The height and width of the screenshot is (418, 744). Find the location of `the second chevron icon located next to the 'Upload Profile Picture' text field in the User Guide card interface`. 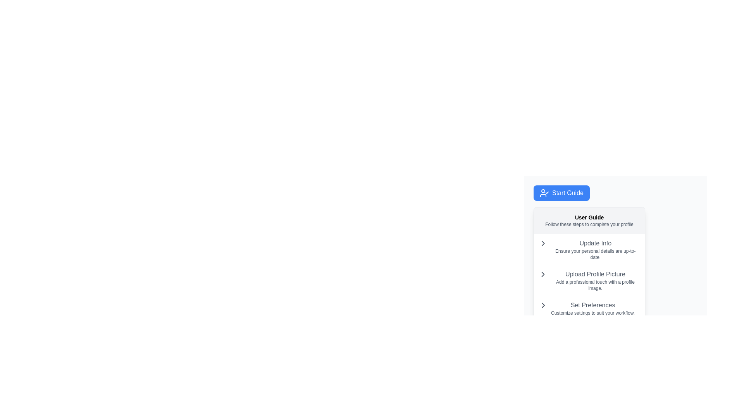

the second chevron icon located next to the 'Upload Profile Picture' text field in the User Guide card interface is located at coordinates (542, 274).